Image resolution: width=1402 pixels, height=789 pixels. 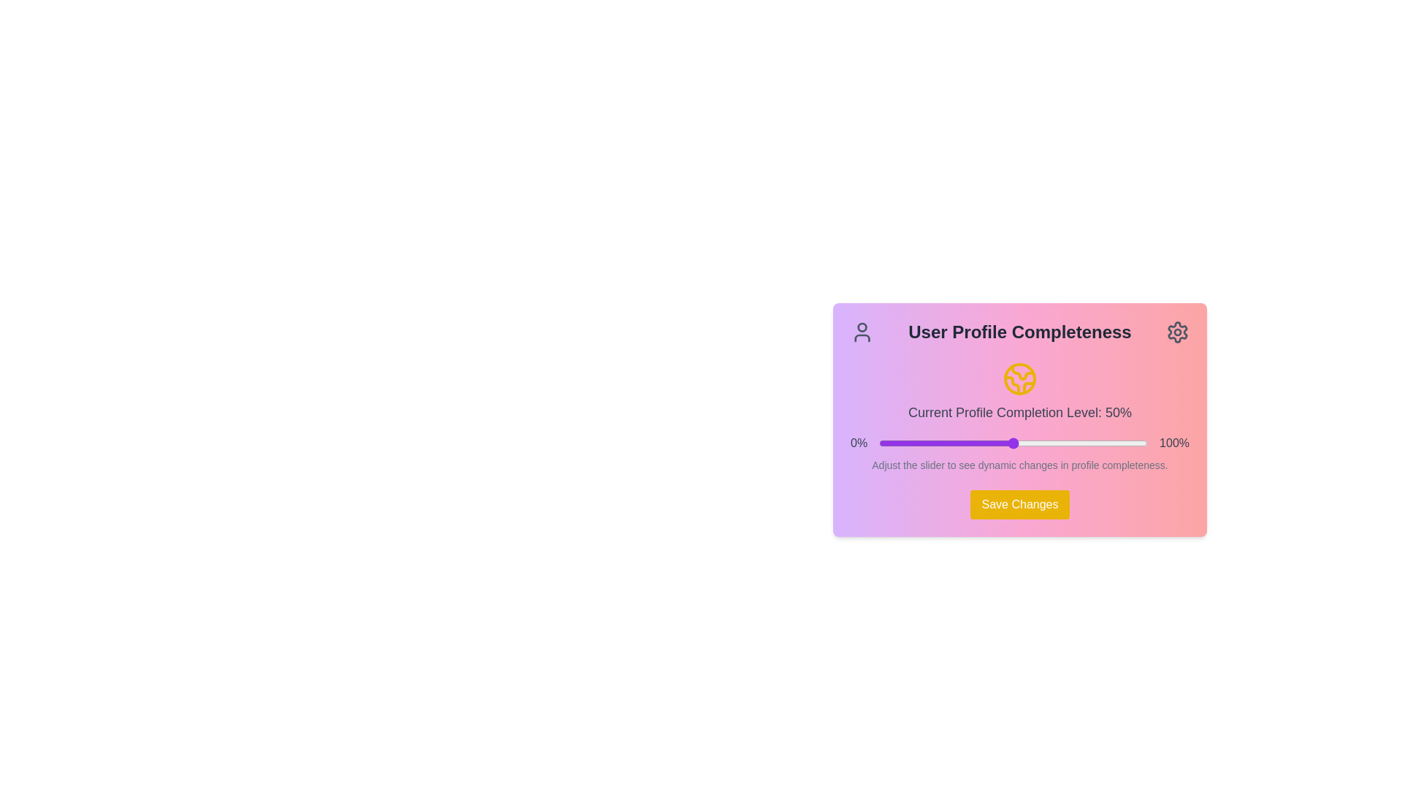 What do you see at coordinates (1019, 479) in the screenshot?
I see `the 'Save Changes' button located at the bottom of the profile completeness component, which is part of a card-like element in the middle-right area of the interface` at bounding box center [1019, 479].